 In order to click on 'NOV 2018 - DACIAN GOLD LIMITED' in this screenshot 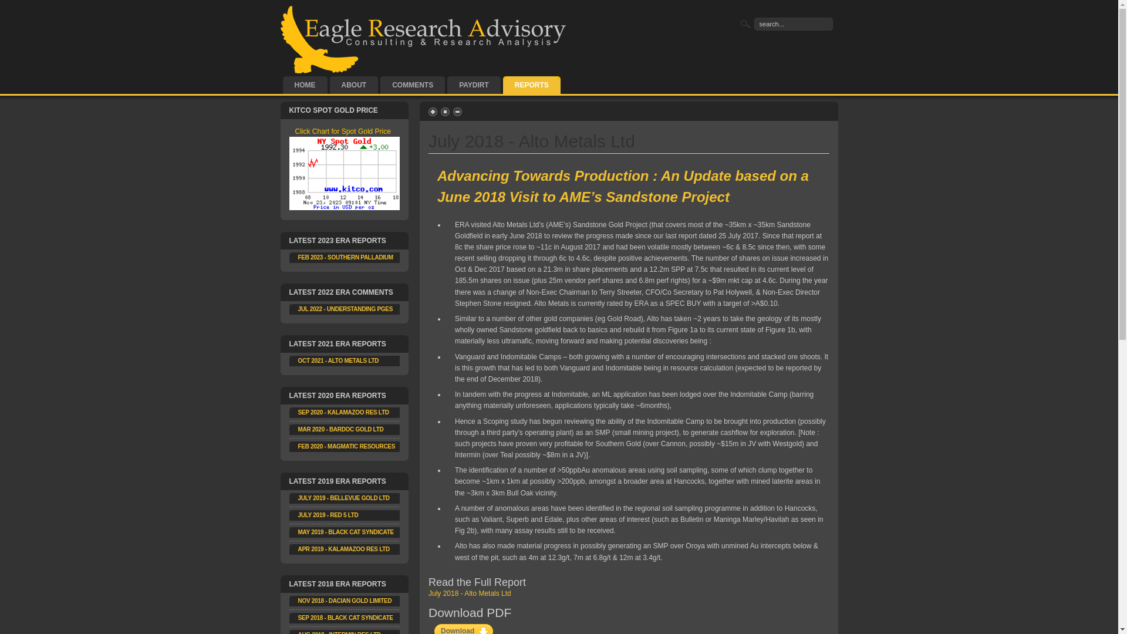, I will do `click(345, 601)`.